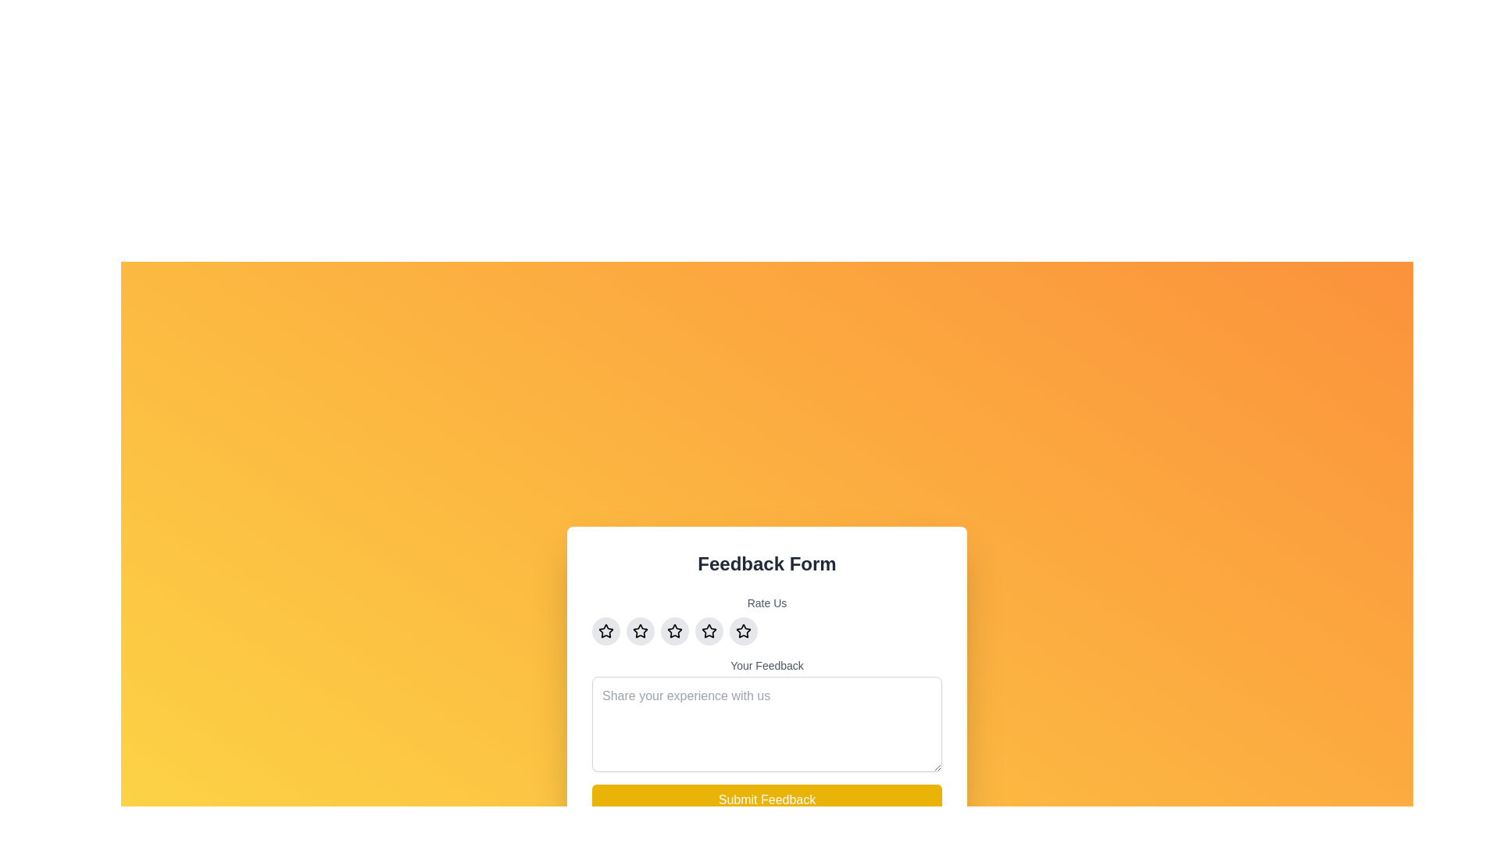  Describe the element at coordinates (675, 630) in the screenshot. I see `the third star in the horizontal group of five stars in the 'Rate Us' section of the feedback form` at that location.